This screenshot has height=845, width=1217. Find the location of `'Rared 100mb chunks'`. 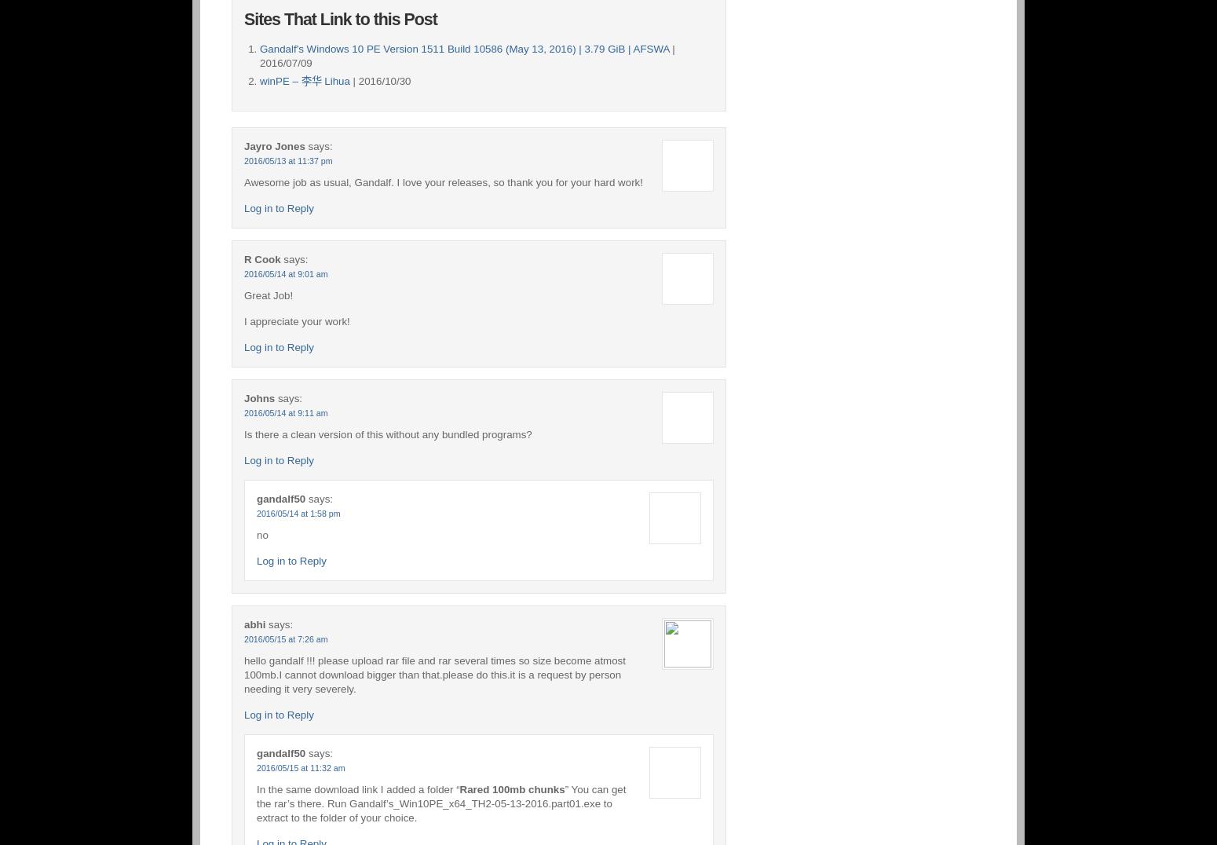

'Rared 100mb chunks' is located at coordinates (510, 788).